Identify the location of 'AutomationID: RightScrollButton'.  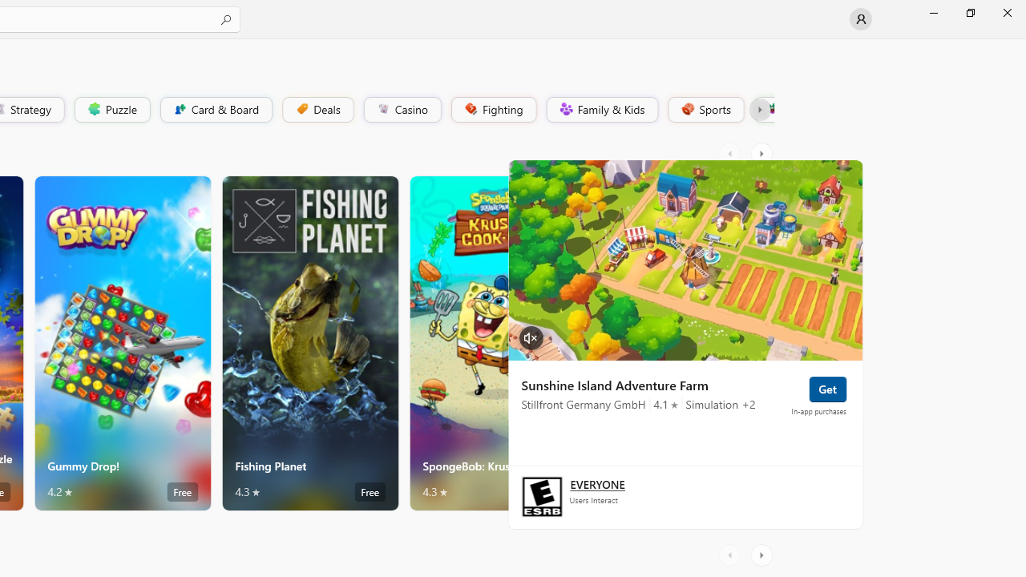
(762, 555).